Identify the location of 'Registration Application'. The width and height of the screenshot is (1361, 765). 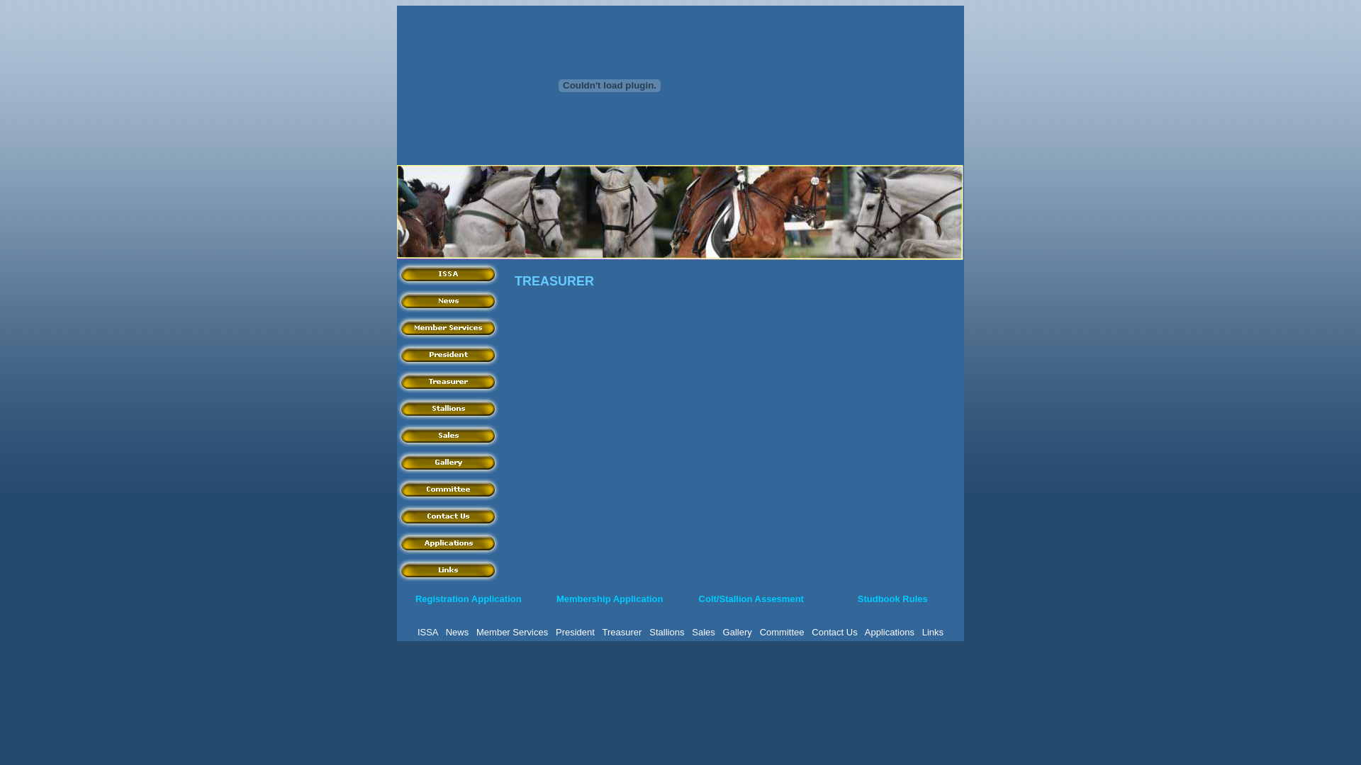
(469, 599).